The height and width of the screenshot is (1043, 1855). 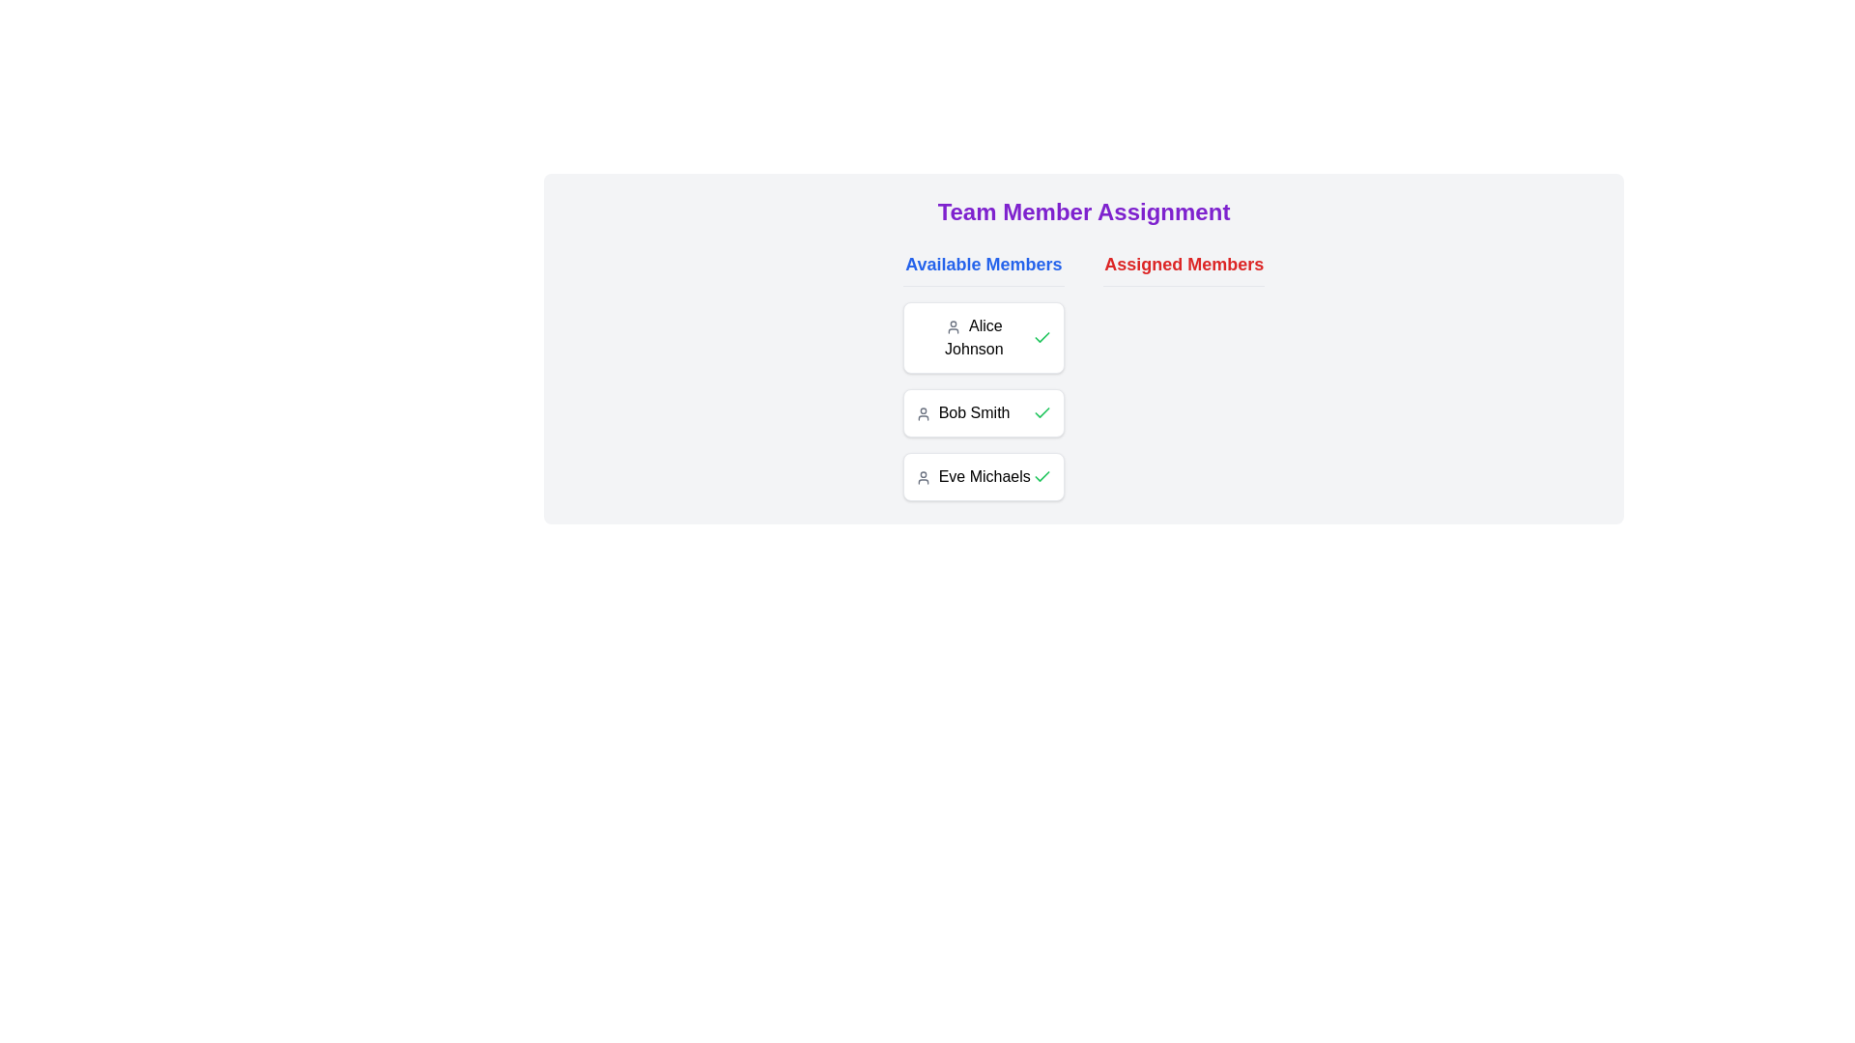 What do you see at coordinates (973, 476) in the screenshot?
I see `the text label indicating the user 'Eve Michaels' in the available members list, which is the third entry below 'Bob Smith'` at bounding box center [973, 476].